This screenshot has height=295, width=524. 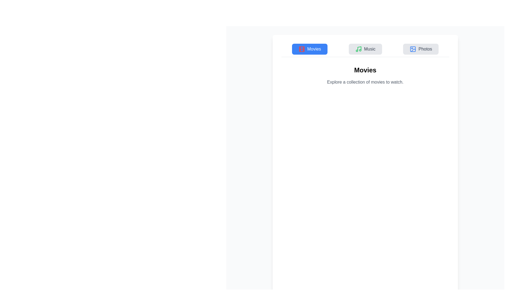 What do you see at coordinates (309, 49) in the screenshot?
I see `the Movies tab by clicking its button` at bounding box center [309, 49].